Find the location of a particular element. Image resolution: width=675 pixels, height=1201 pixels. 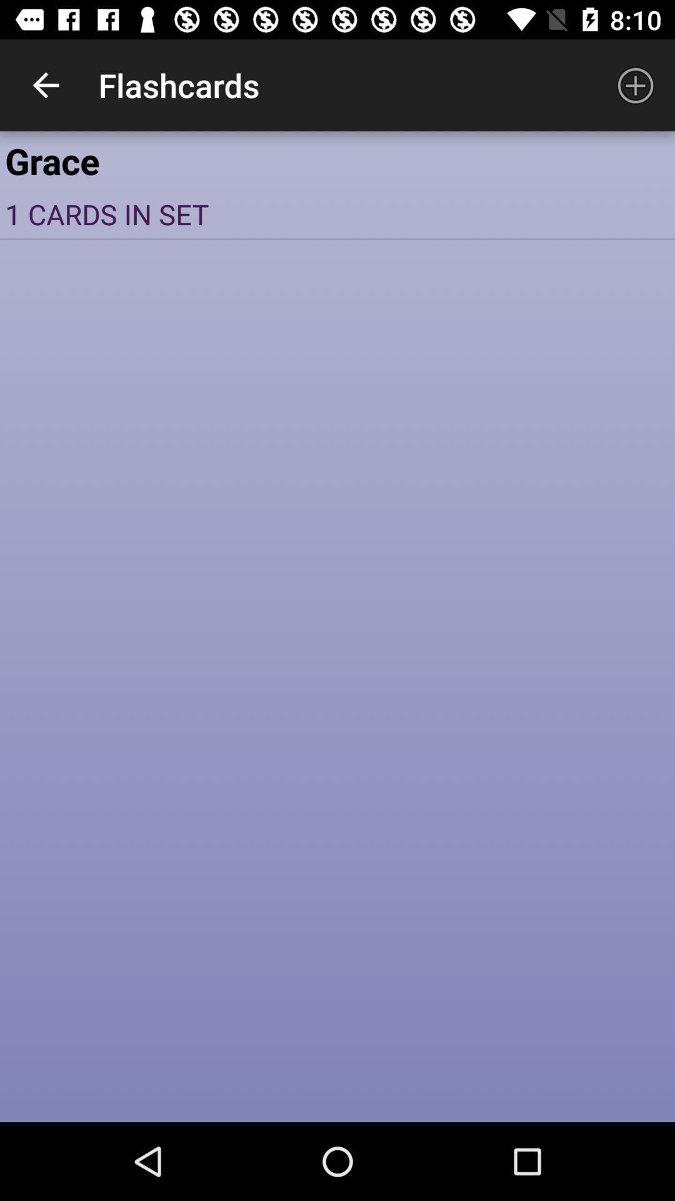

item above grace item is located at coordinates (636, 84).